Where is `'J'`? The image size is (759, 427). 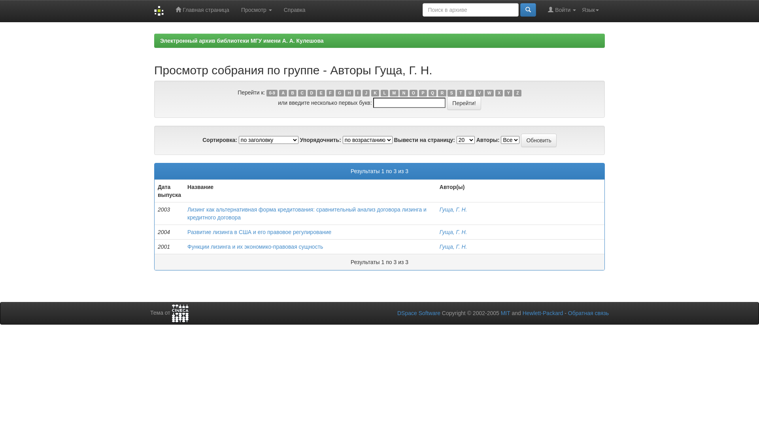 'J' is located at coordinates (366, 93).